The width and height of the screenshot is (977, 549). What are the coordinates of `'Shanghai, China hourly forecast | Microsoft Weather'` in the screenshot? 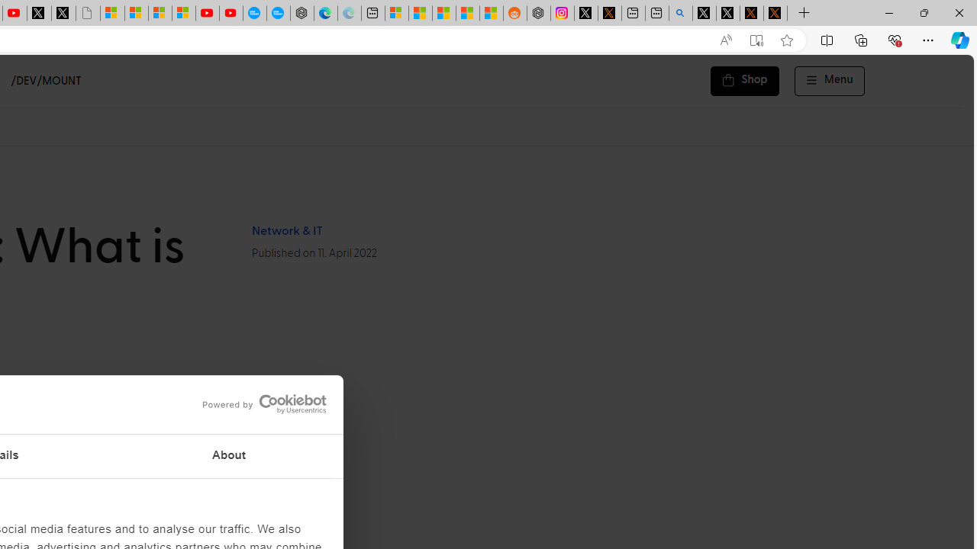 It's located at (443, 13).